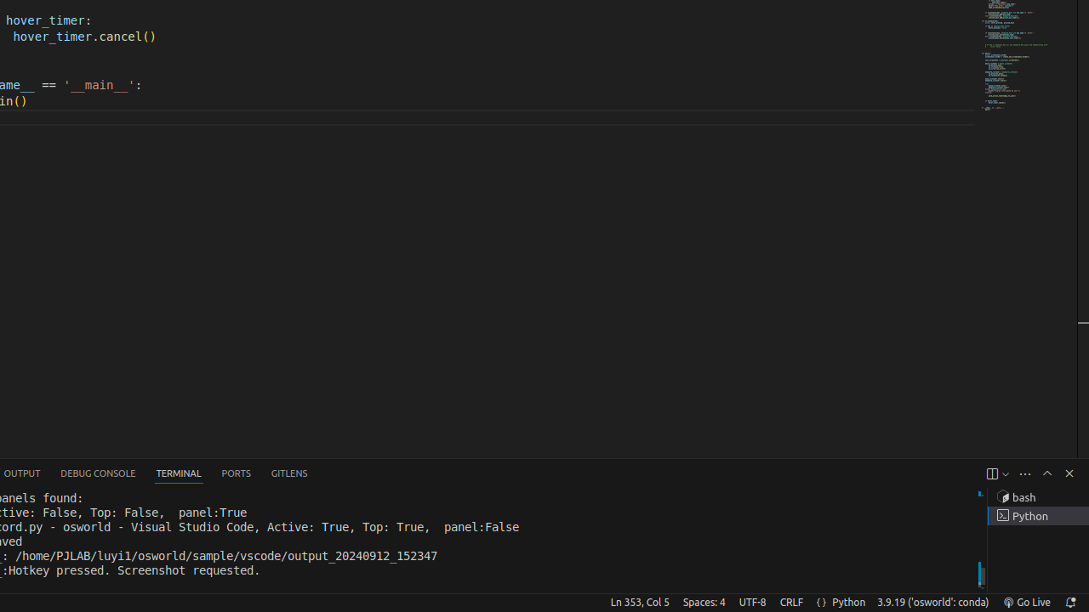  Describe the element at coordinates (704, 601) in the screenshot. I see `'Spaces: 4'` at that location.